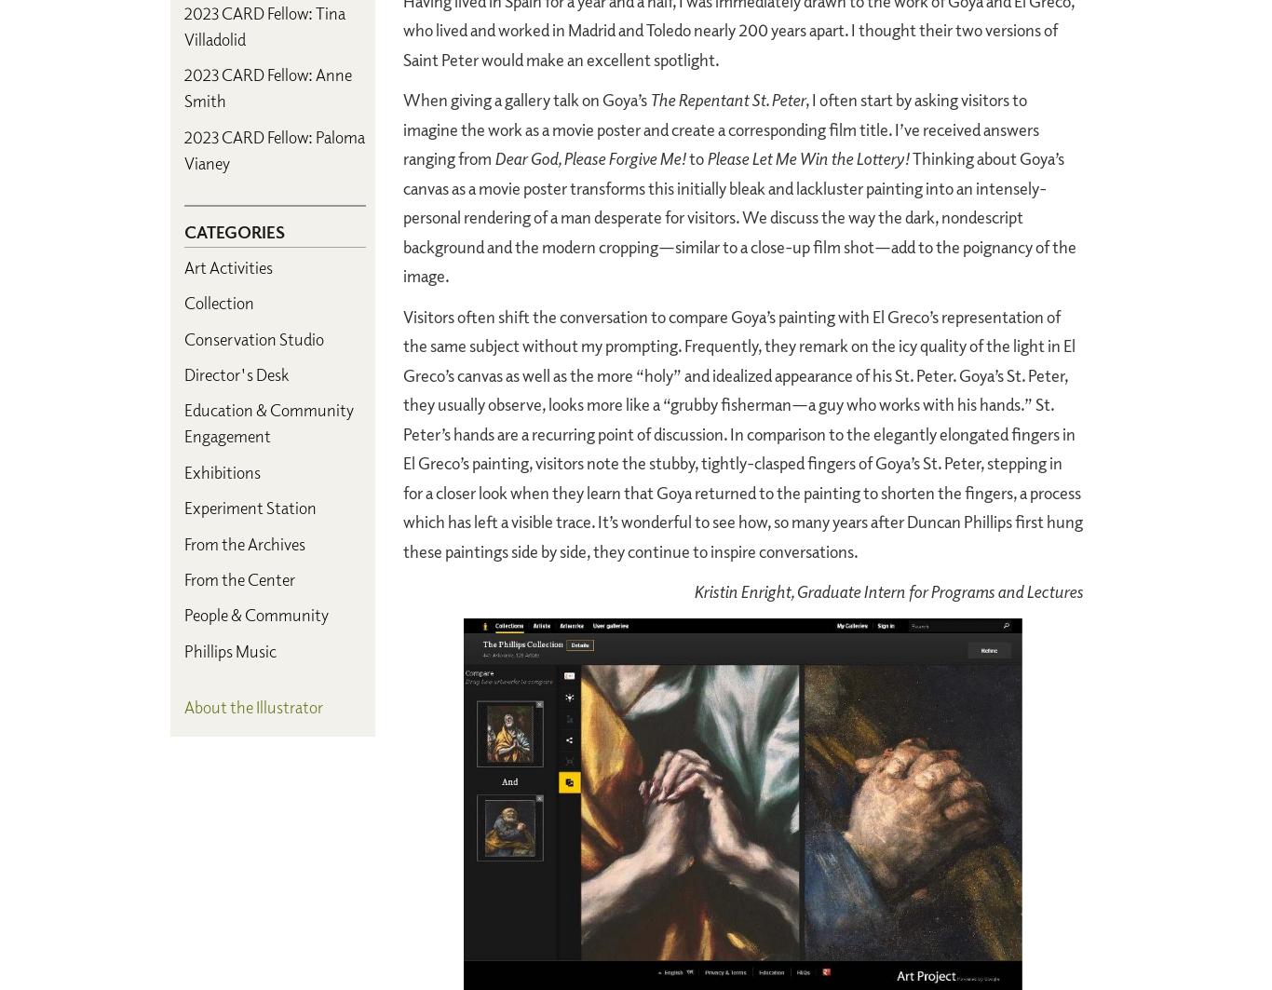 This screenshot has width=1272, height=990. Describe the element at coordinates (228, 265) in the screenshot. I see `'Art Activities'` at that location.